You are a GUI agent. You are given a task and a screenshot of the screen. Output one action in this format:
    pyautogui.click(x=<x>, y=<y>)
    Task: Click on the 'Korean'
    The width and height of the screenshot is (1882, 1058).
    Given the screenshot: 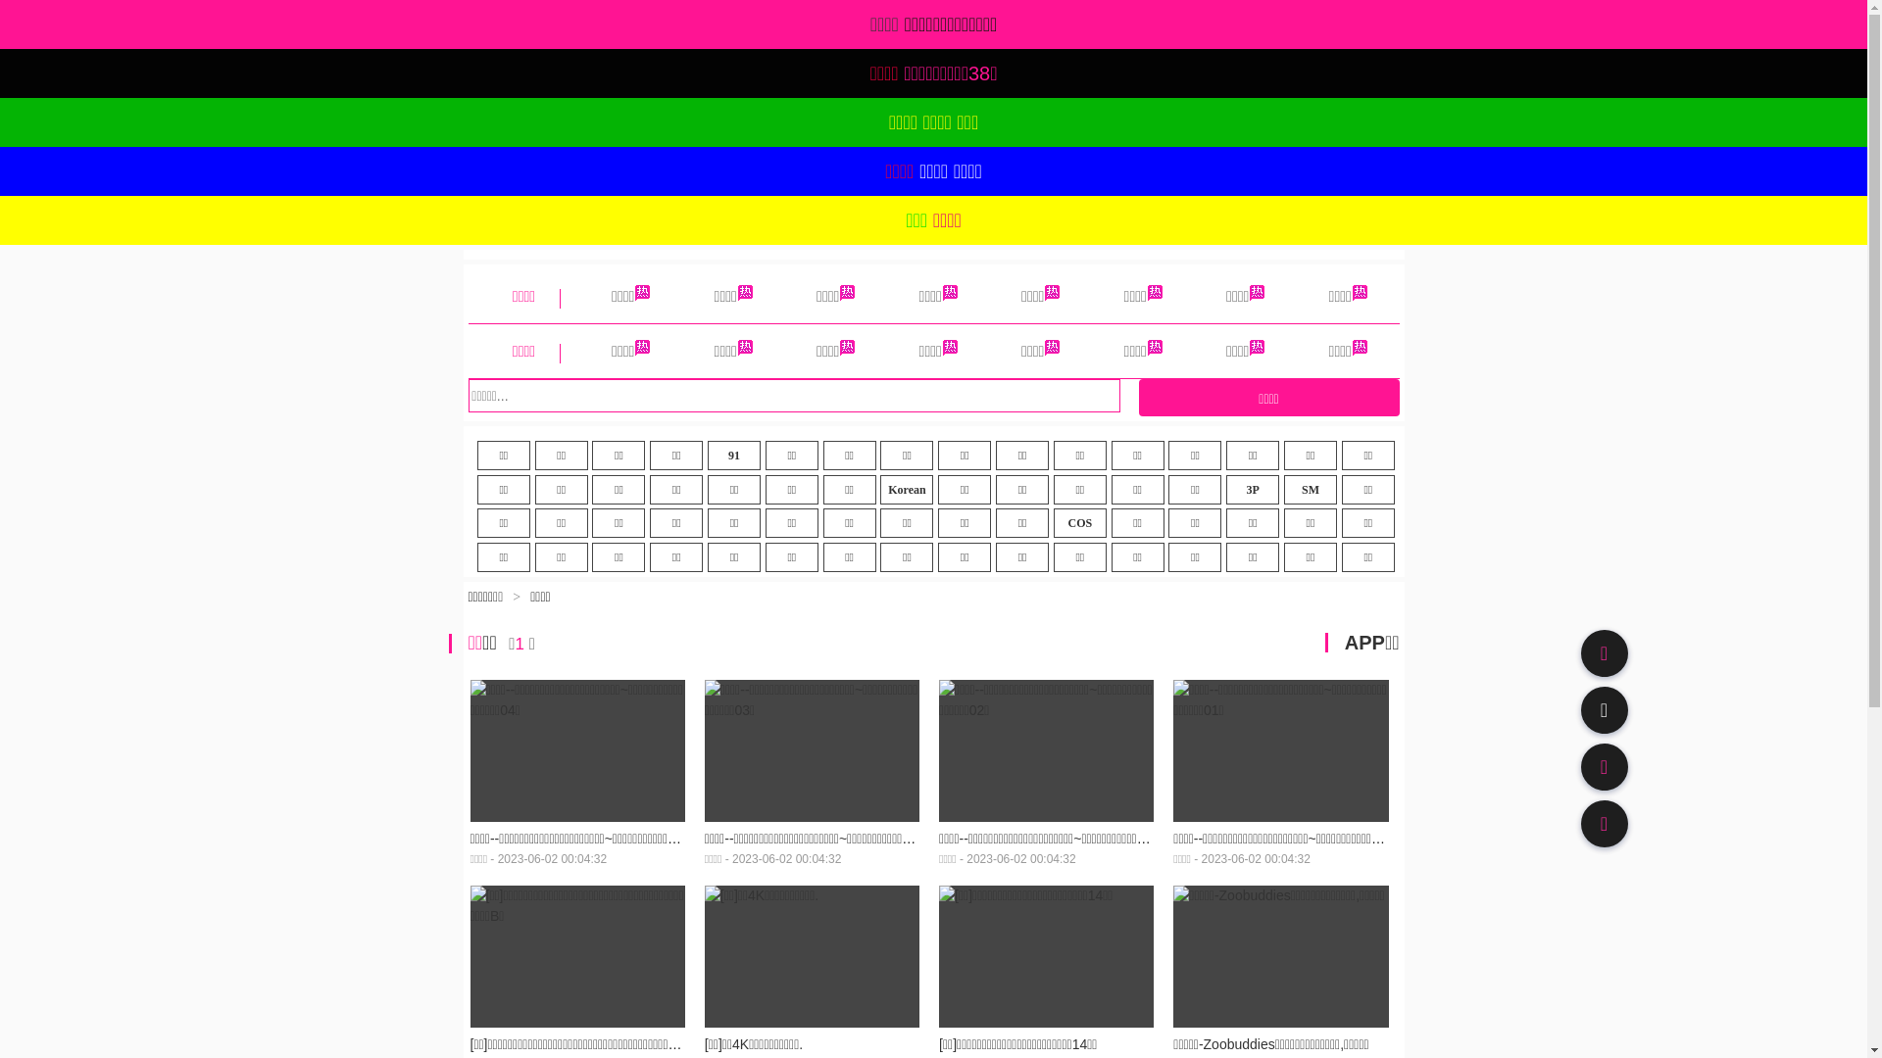 What is the action you would take?
    pyautogui.click(x=906, y=489)
    